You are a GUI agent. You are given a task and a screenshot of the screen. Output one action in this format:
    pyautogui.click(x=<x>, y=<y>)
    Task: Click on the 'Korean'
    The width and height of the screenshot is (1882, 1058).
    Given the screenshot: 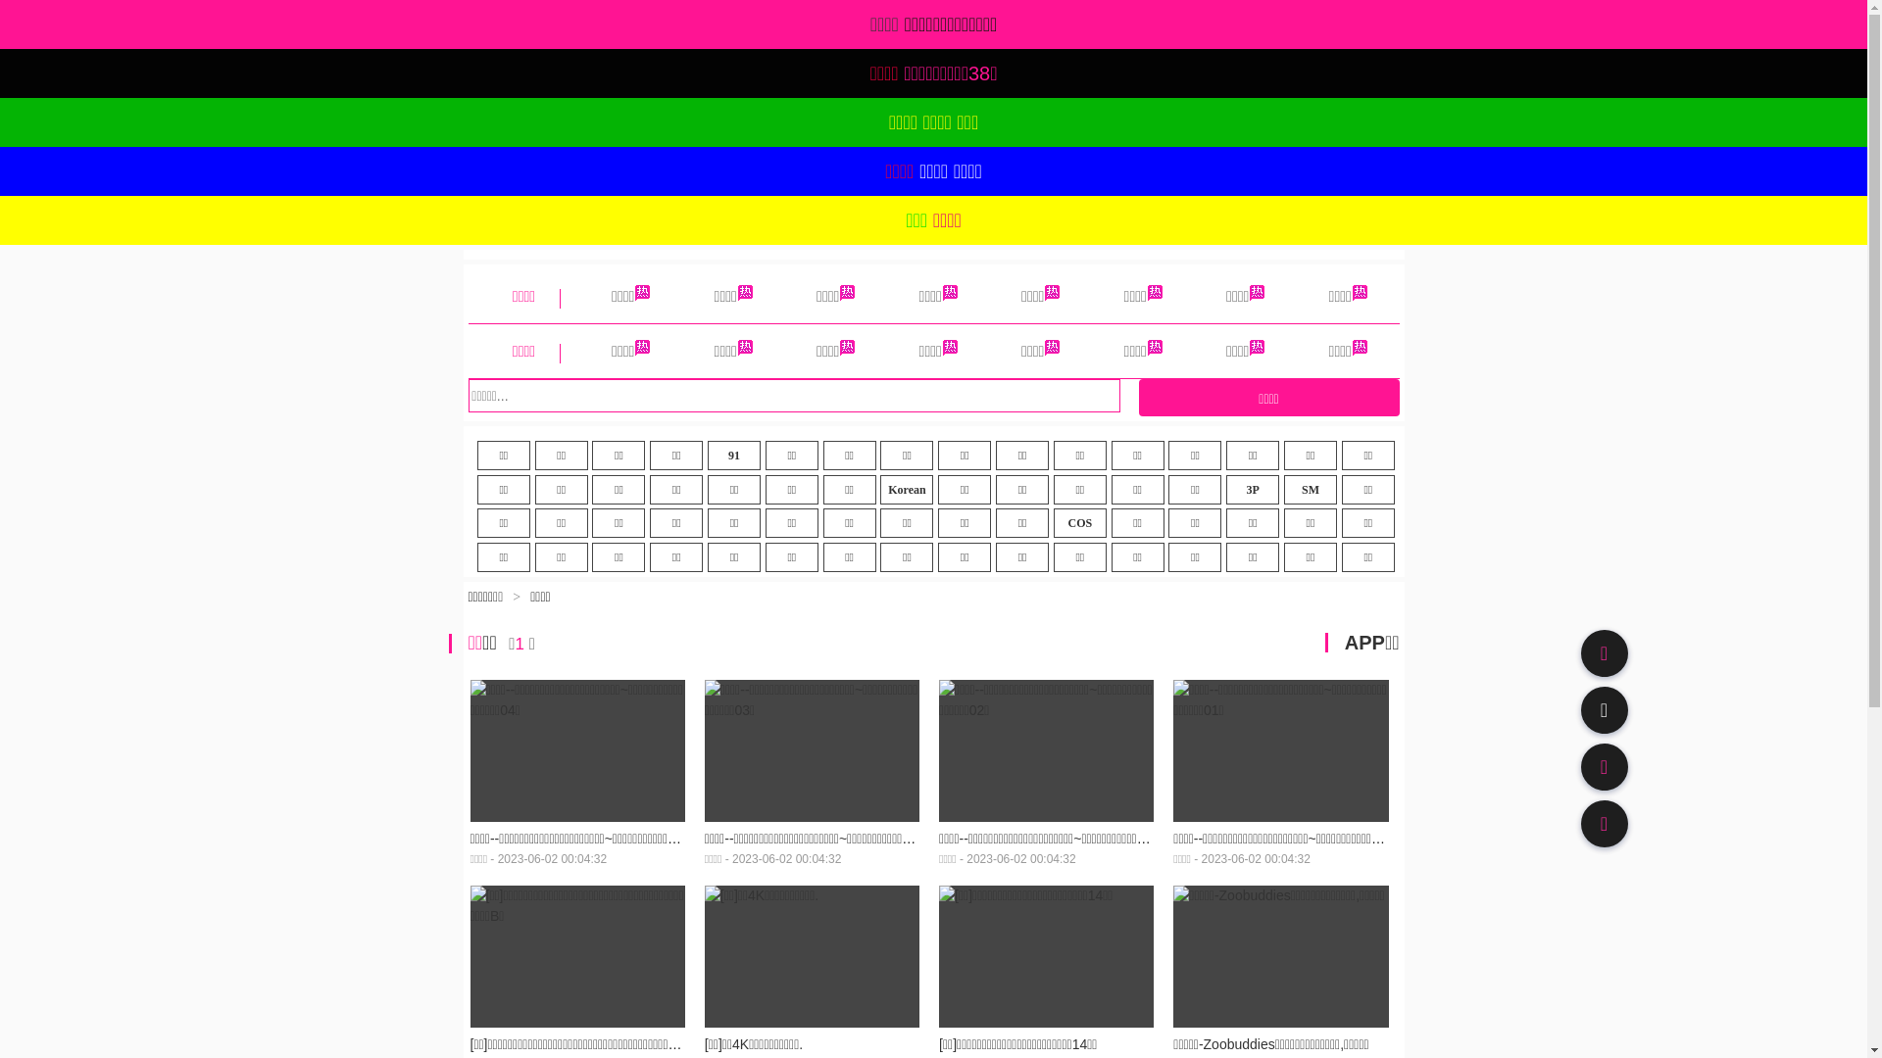 What is the action you would take?
    pyautogui.click(x=906, y=489)
    